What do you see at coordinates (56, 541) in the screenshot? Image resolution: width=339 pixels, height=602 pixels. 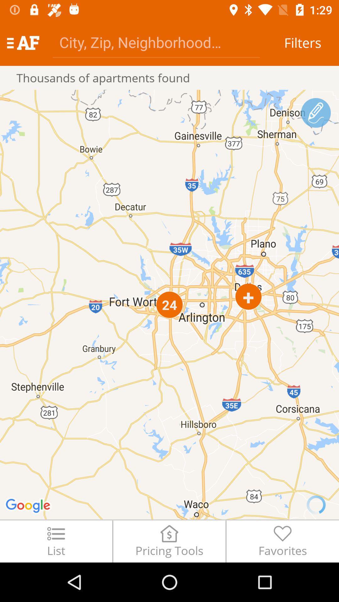 I see `the list` at bounding box center [56, 541].